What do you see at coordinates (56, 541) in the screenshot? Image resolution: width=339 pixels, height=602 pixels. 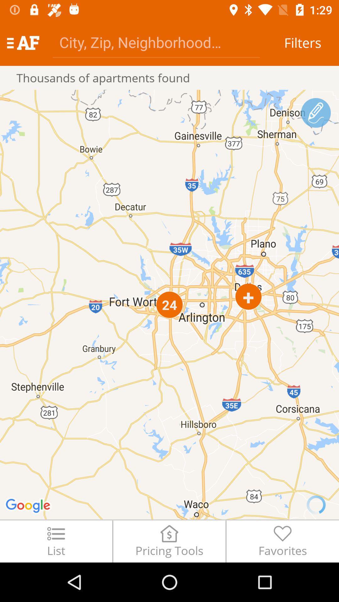 I see `the list` at bounding box center [56, 541].